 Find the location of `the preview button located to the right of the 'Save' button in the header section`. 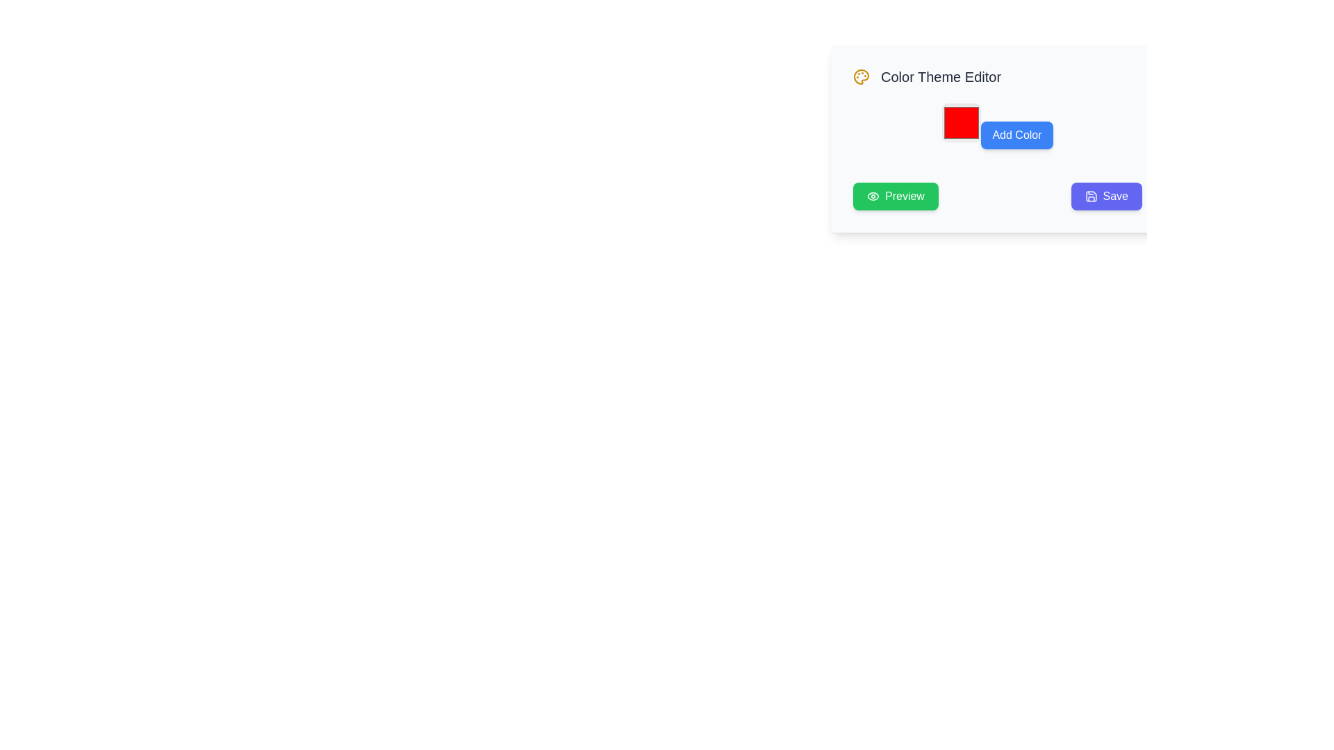

the preview button located to the right of the 'Save' button in the header section is located at coordinates (896, 196).